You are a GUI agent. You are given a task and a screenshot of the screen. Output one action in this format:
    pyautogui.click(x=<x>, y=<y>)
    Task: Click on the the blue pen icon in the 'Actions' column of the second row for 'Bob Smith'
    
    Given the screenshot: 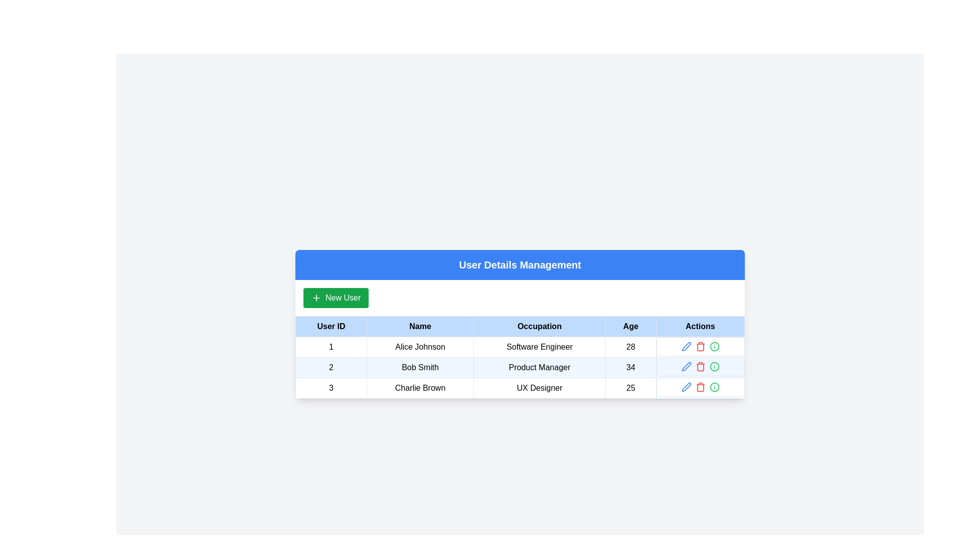 What is the action you would take?
    pyautogui.click(x=686, y=346)
    